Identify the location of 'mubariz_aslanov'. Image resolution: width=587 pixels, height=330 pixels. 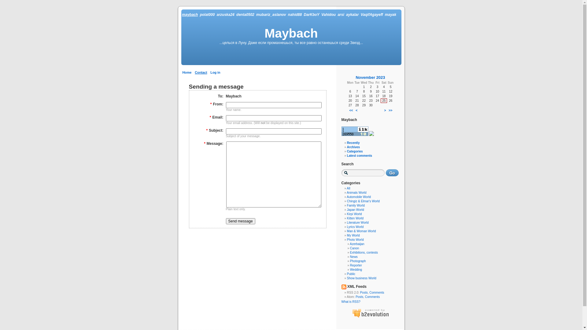
(271, 14).